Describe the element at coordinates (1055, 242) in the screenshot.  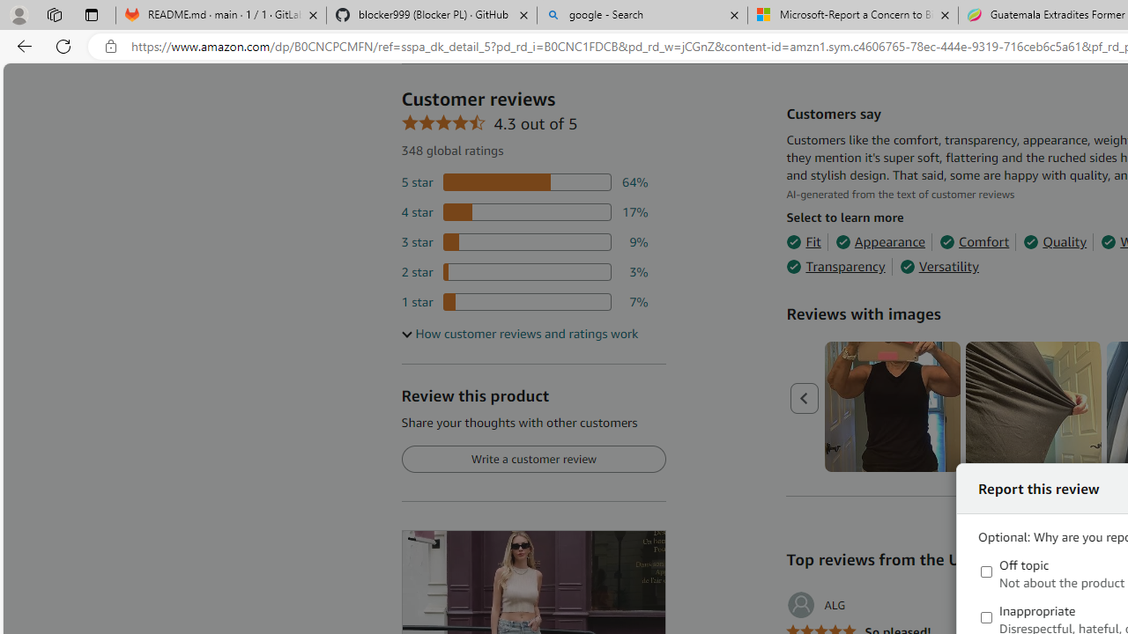
I see `'Quality'` at that location.